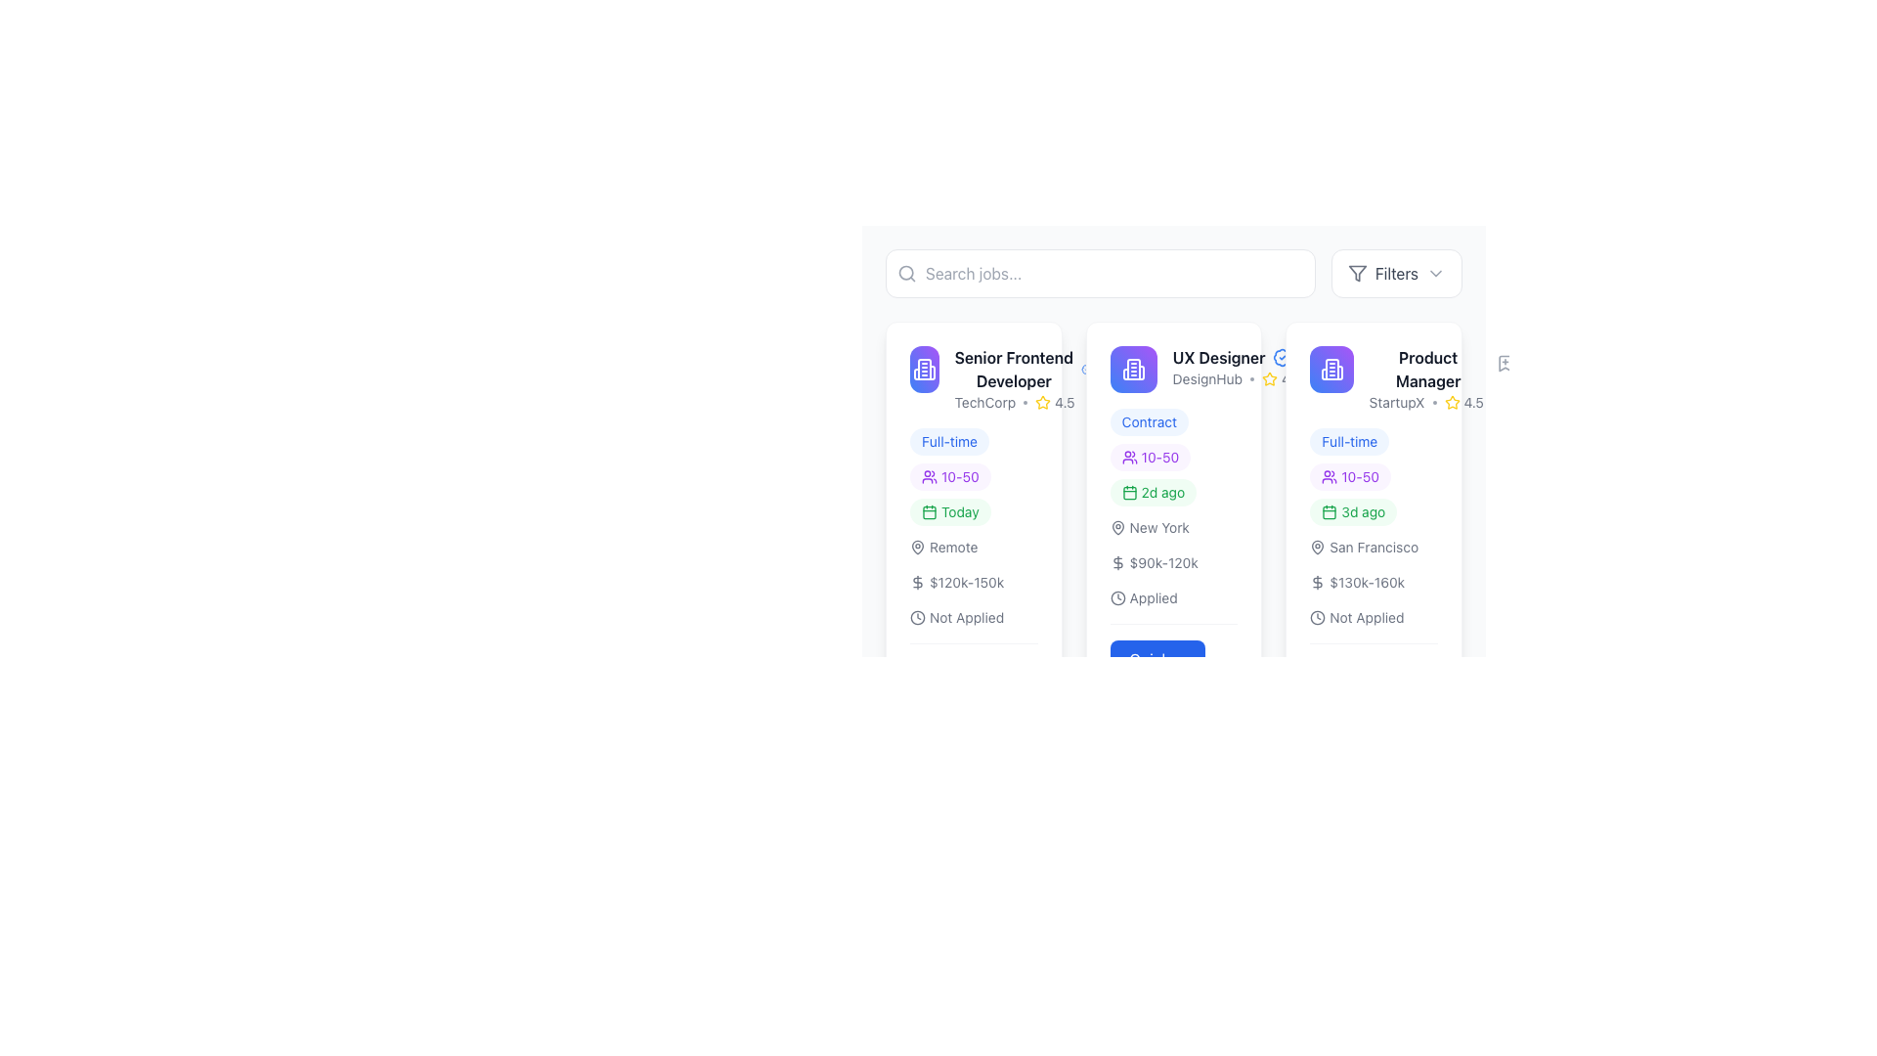 This screenshot has width=1877, height=1056. What do you see at coordinates (917, 547) in the screenshot?
I see `the pin icon located leftmost within the job listing card that indicates a remote job location, adjacent to the 'Remote' text` at bounding box center [917, 547].